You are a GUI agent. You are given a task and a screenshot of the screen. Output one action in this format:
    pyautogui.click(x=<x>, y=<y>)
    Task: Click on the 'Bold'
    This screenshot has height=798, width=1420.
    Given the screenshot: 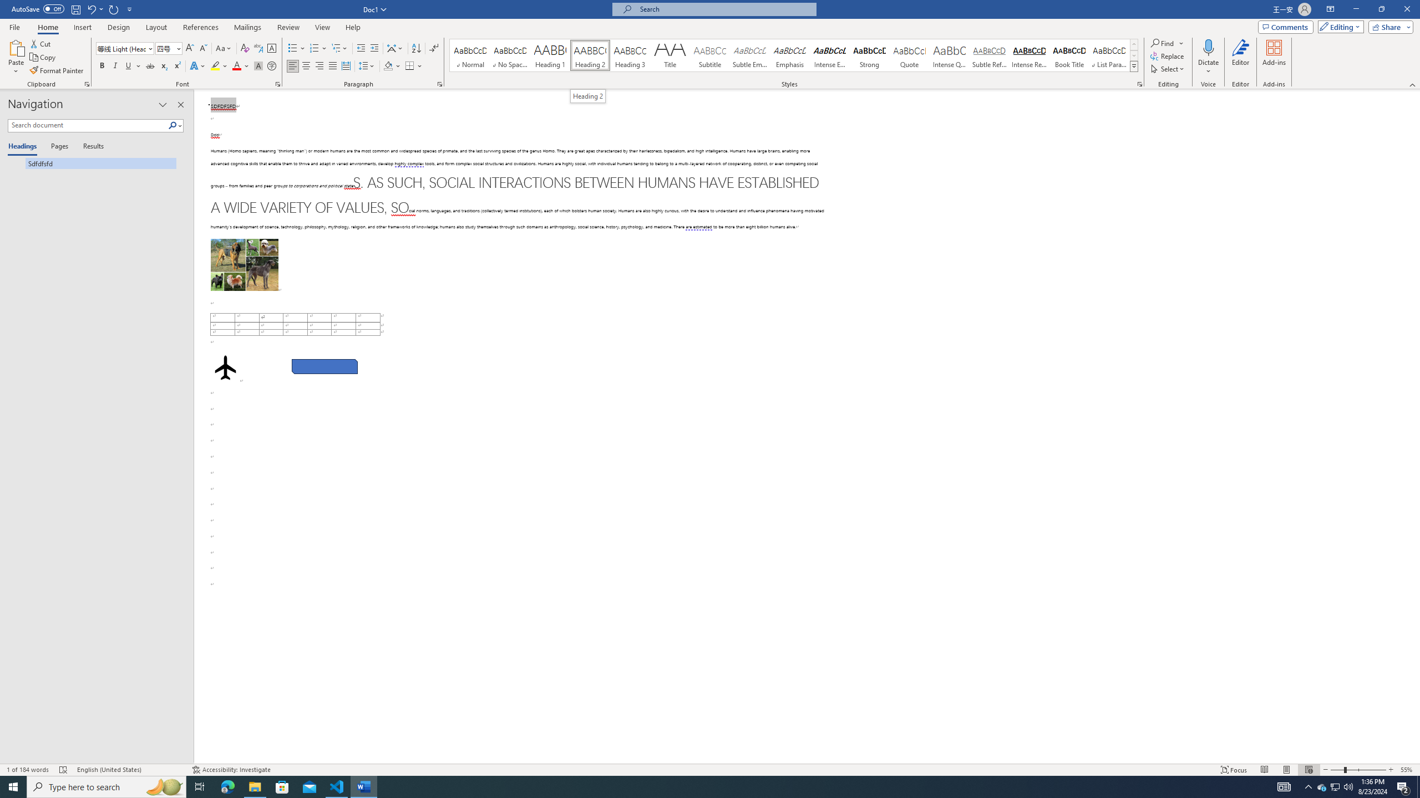 What is the action you would take?
    pyautogui.click(x=102, y=65)
    